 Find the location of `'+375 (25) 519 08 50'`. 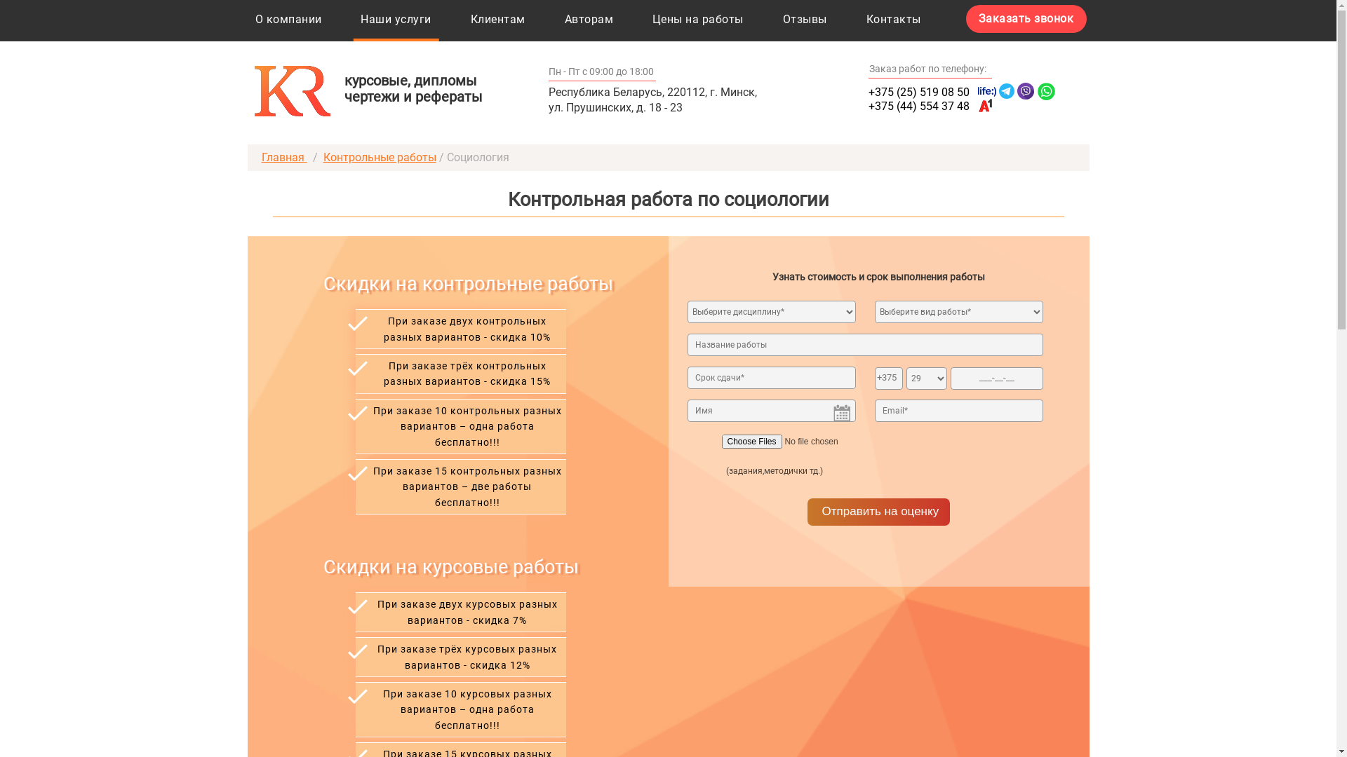

'+375 (25) 519 08 50' is located at coordinates (868, 92).